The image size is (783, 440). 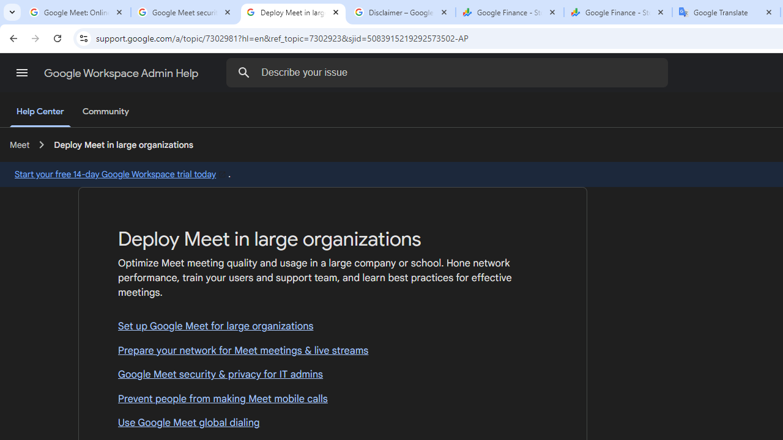 What do you see at coordinates (244, 72) in the screenshot?
I see `'Search Help Center'` at bounding box center [244, 72].